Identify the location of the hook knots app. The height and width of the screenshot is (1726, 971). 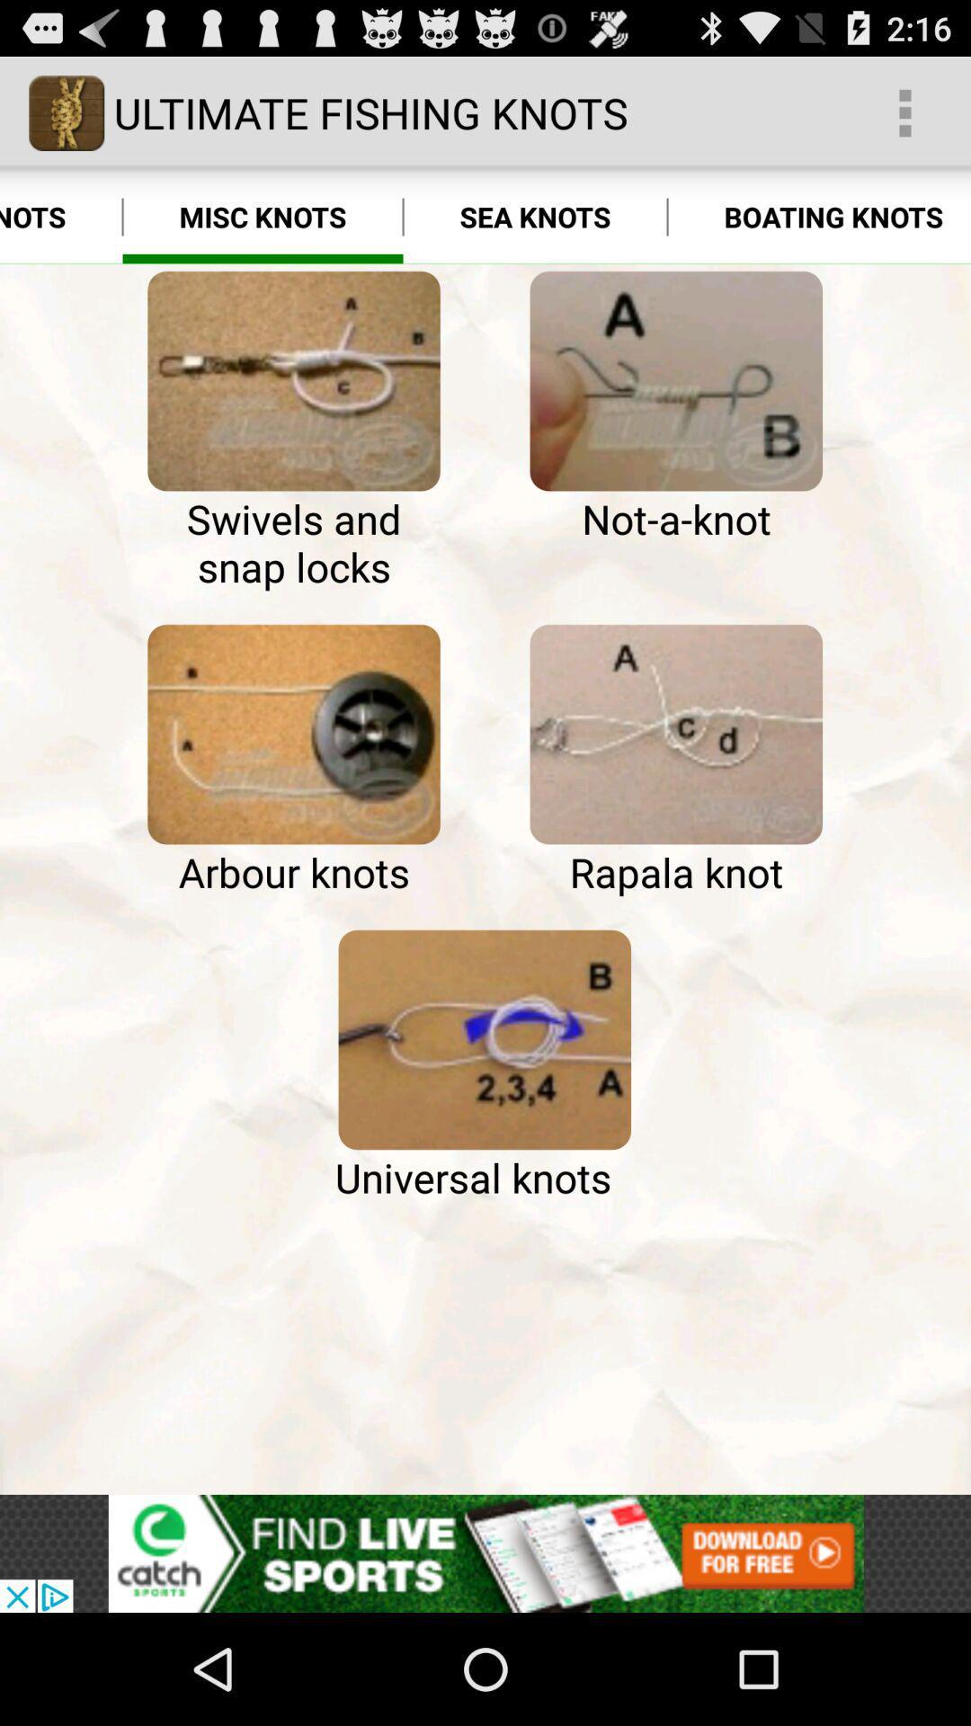
(60, 216).